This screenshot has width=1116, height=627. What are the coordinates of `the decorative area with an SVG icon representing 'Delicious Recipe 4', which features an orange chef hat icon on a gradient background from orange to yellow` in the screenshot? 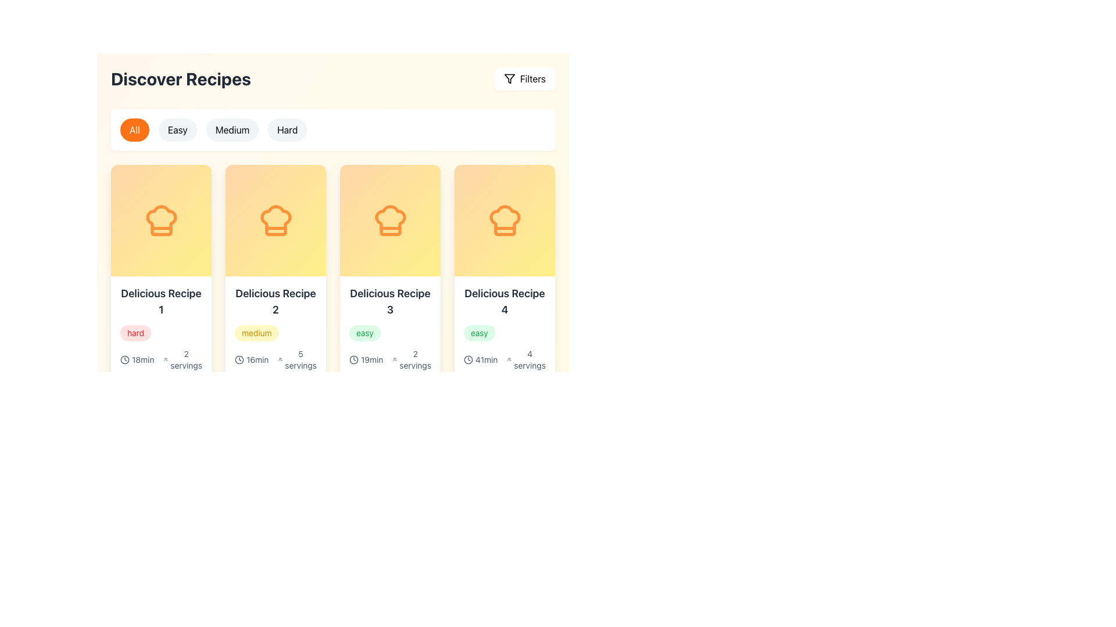 It's located at (505, 221).